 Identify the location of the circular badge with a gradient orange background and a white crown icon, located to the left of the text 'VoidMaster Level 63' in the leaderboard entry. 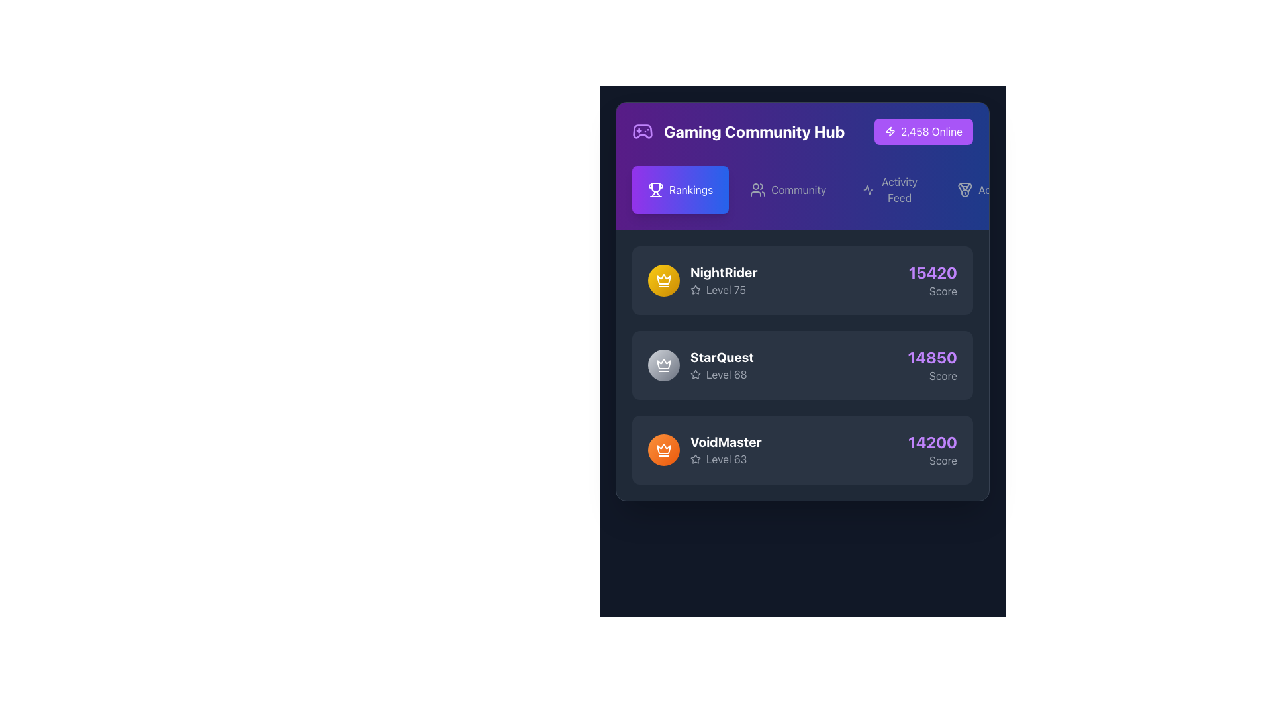
(664, 449).